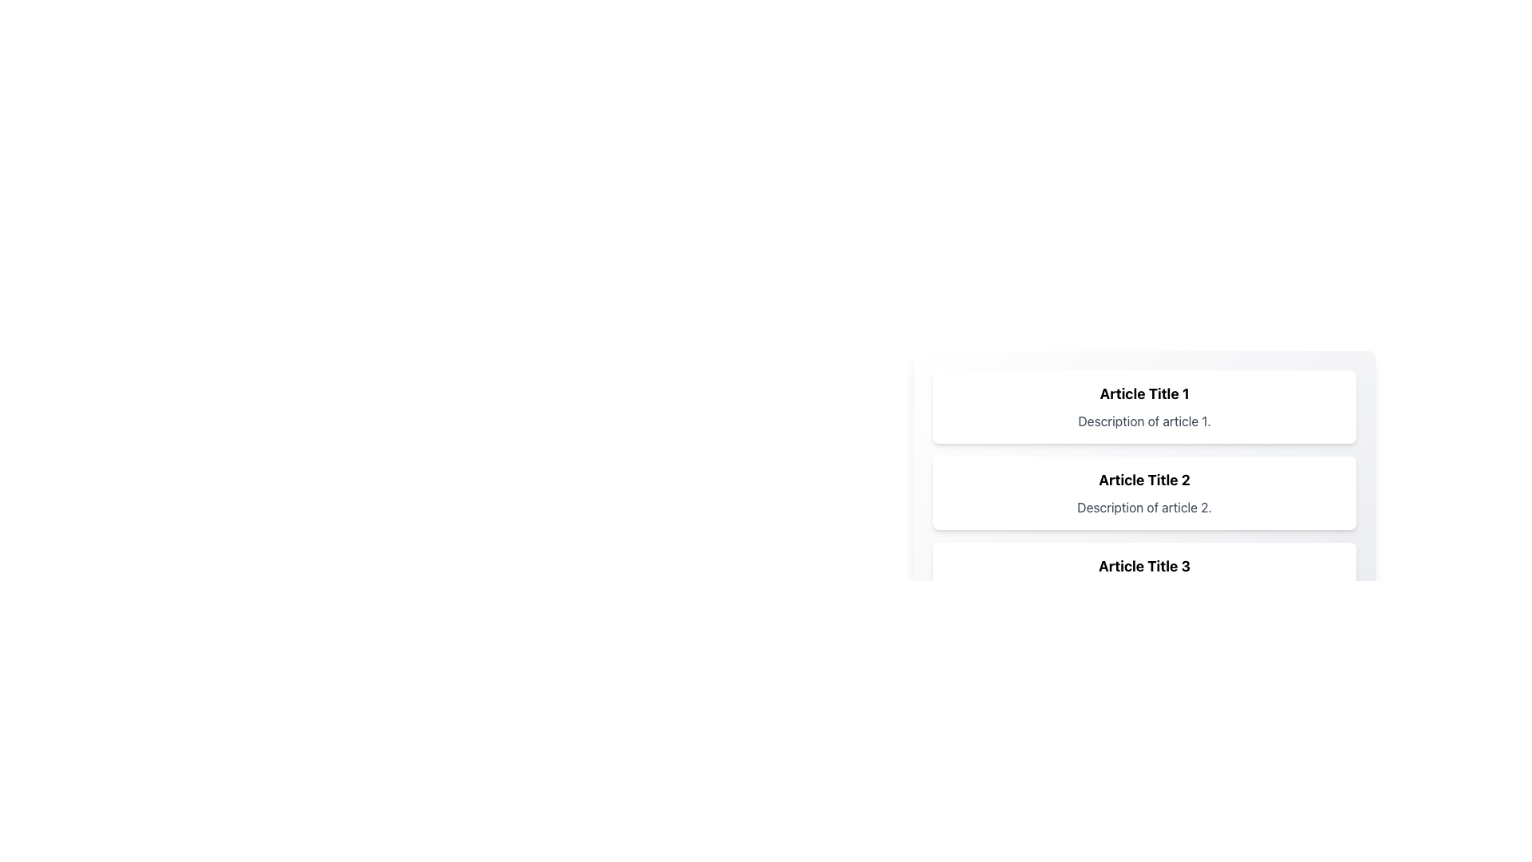 The image size is (1532, 862). Describe the element at coordinates (1143, 508) in the screenshot. I see `the descriptive label located below 'Article Title 2' in the card component` at that location.